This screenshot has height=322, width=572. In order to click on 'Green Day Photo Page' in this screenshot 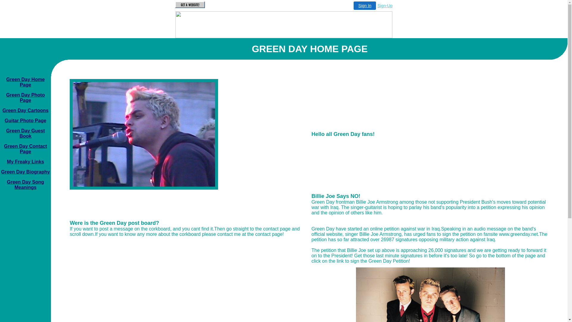, I will do `click(25, 97)`.